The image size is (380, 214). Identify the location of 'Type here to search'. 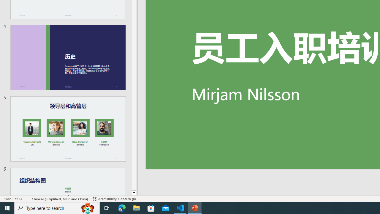
(57, 207).